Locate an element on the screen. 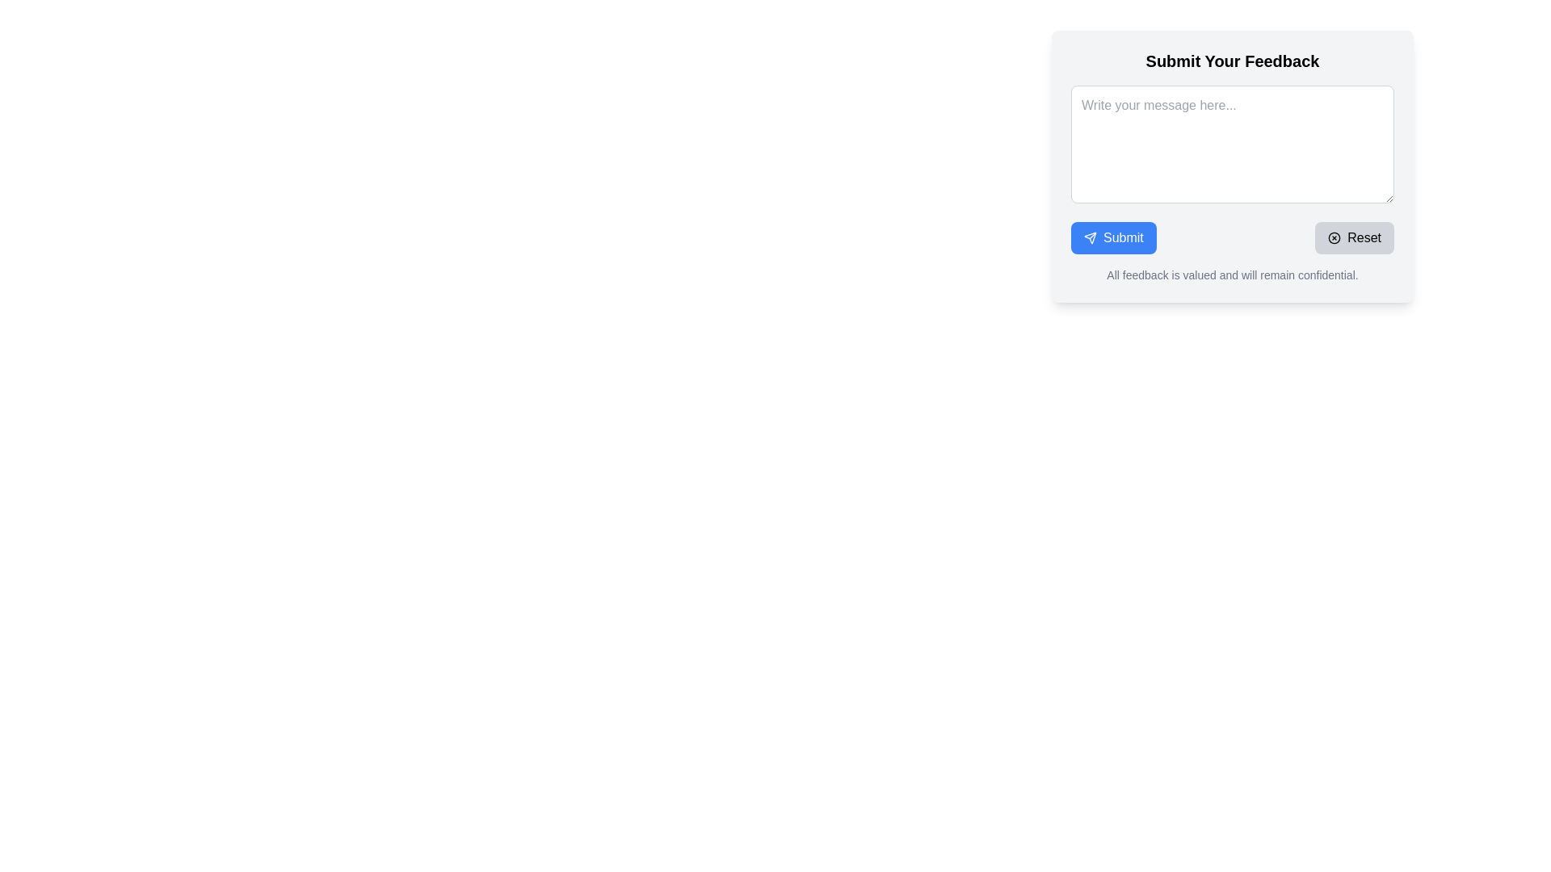 Image resolution: width=1551 pixels, height=872 pixels. the Circle SVG graphical element that represents the 'Reset' operation, located near the bottom right of the 'Submit Your Feedback' form is located at coordinates (1335, 237).